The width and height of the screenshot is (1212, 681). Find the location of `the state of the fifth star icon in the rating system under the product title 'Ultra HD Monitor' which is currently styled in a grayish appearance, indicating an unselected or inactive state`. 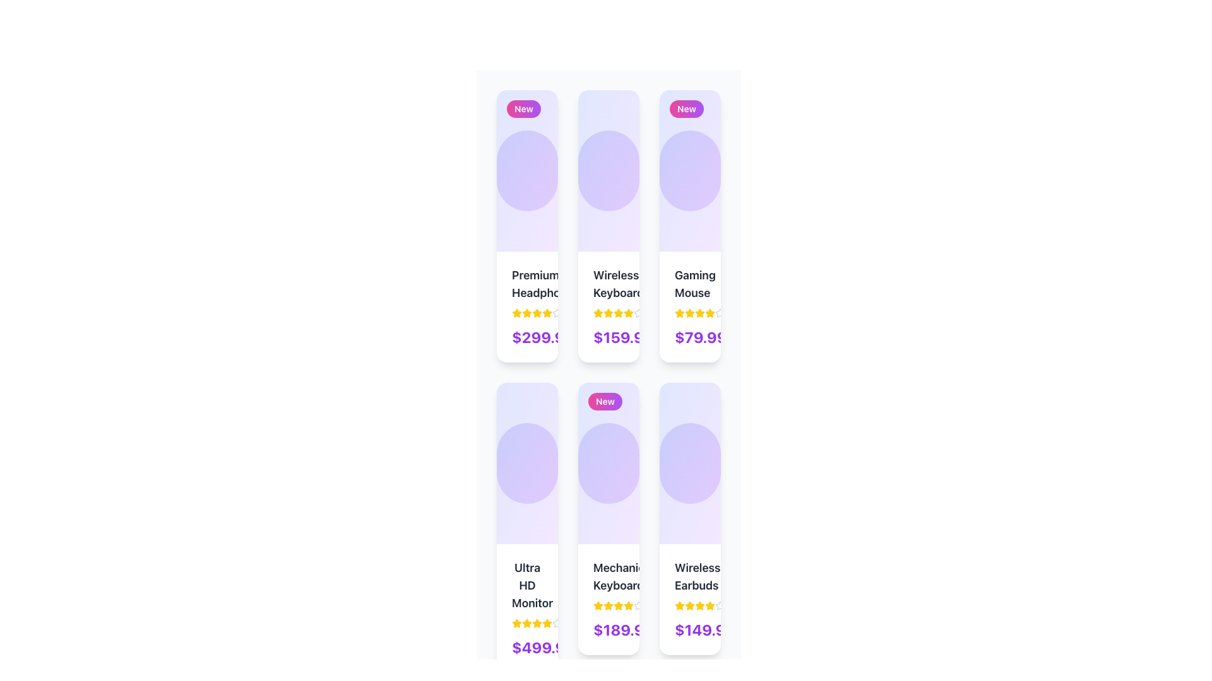

the state of the fifth star icon in the rating system under the product title 'Ultra HD Monitor' which is currently styled in a grayish appearance, indicating an unselected or inactive state is located at coordinates (557, 622).